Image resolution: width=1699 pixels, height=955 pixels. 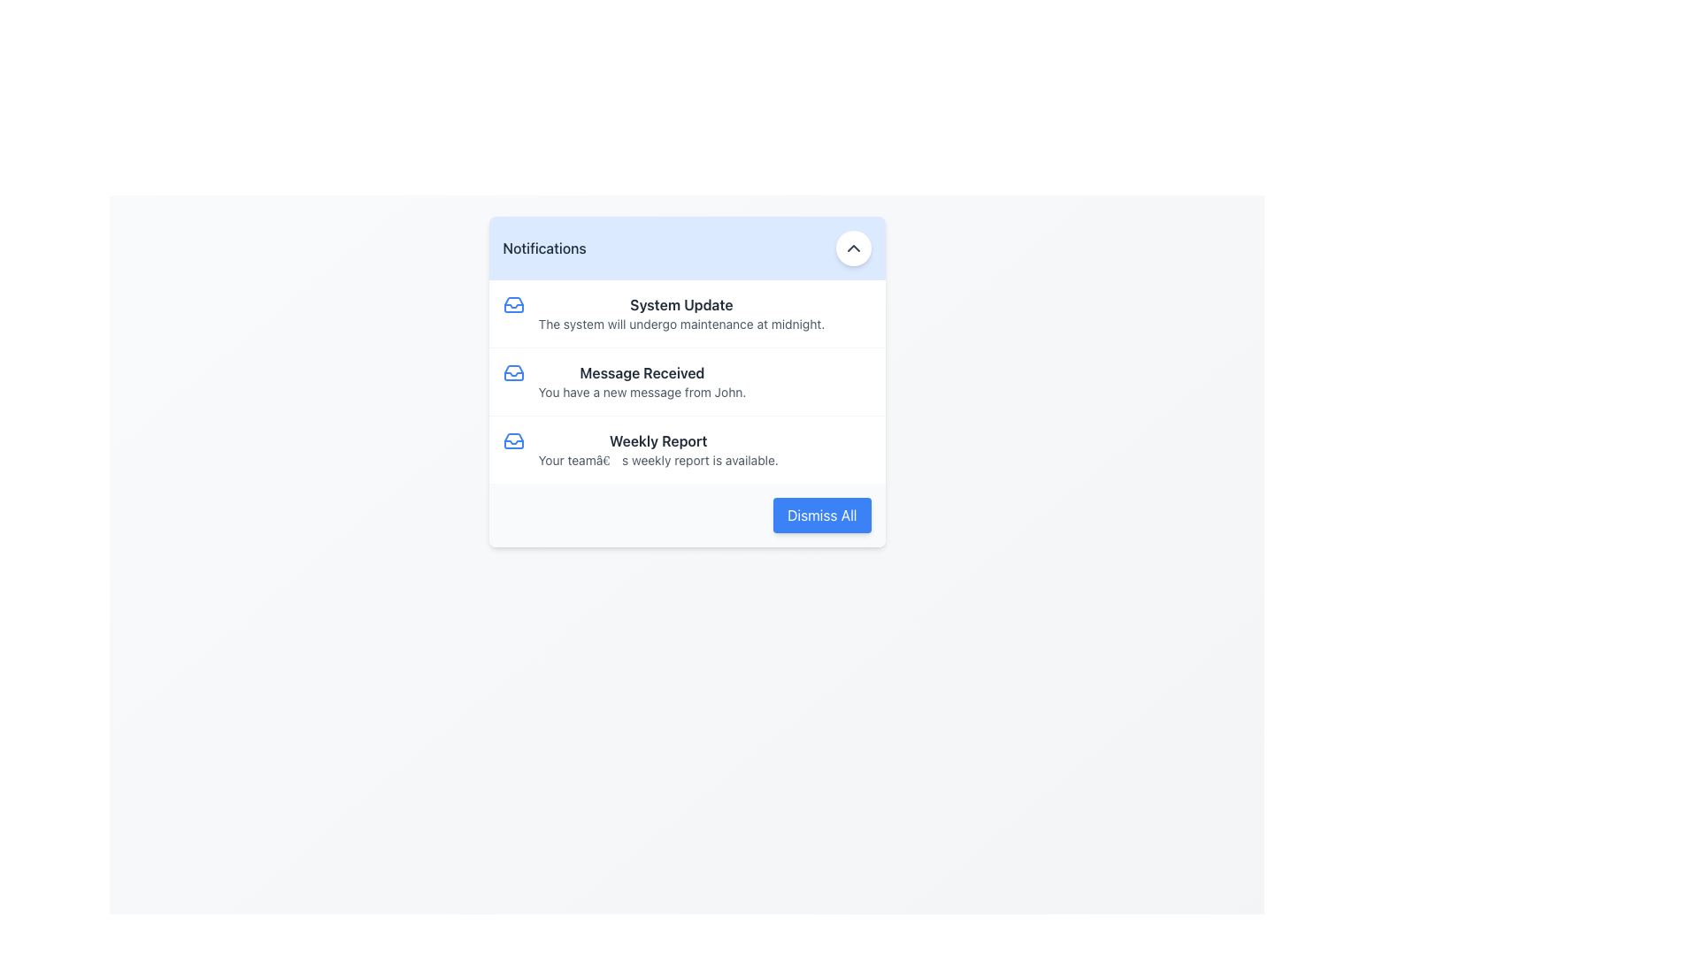 What do you see at coordinates (512, 441) in the screenshot?
I see `the bottom triangular part of the mailbox icon located in the top-left corner of the notification card` at bounding box center [512, 441].